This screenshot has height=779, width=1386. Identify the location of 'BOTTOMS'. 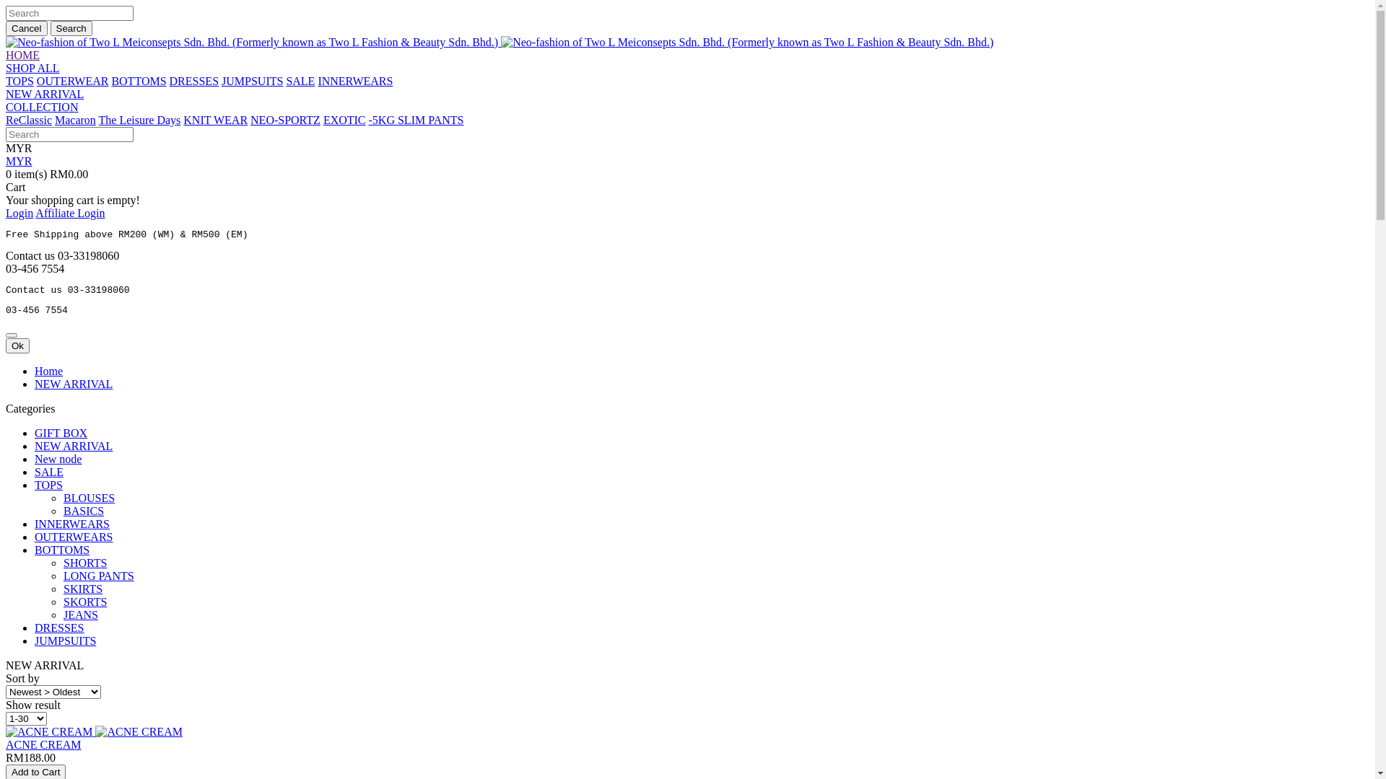
(61, 550).